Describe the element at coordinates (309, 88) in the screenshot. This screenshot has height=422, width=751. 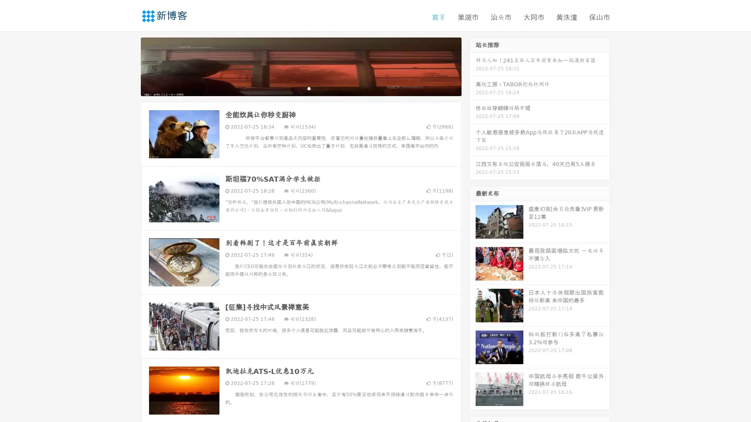
I see `Go to slide 3` at that location.